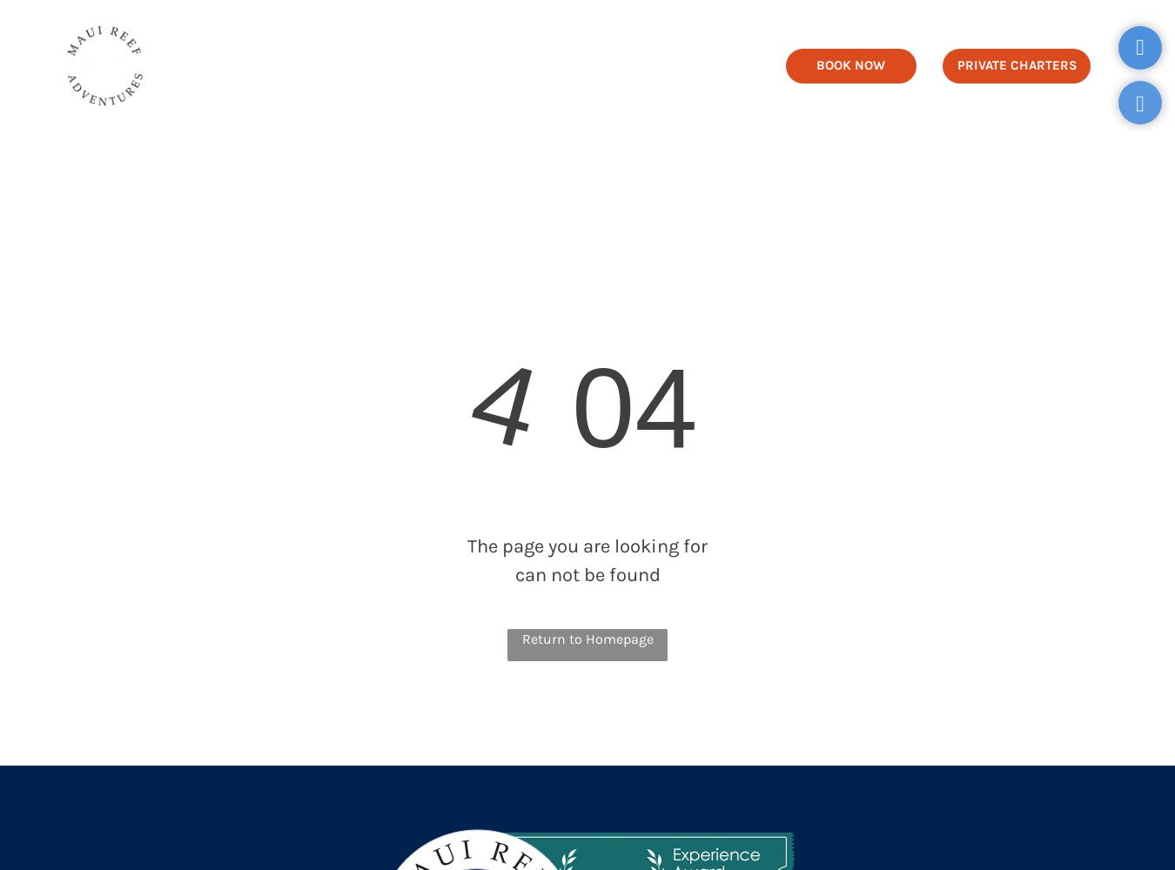 Image resolution: width=1175 pixels, height=870 pixels. I want to click on 'The page you are looking for', so click(587, 546).